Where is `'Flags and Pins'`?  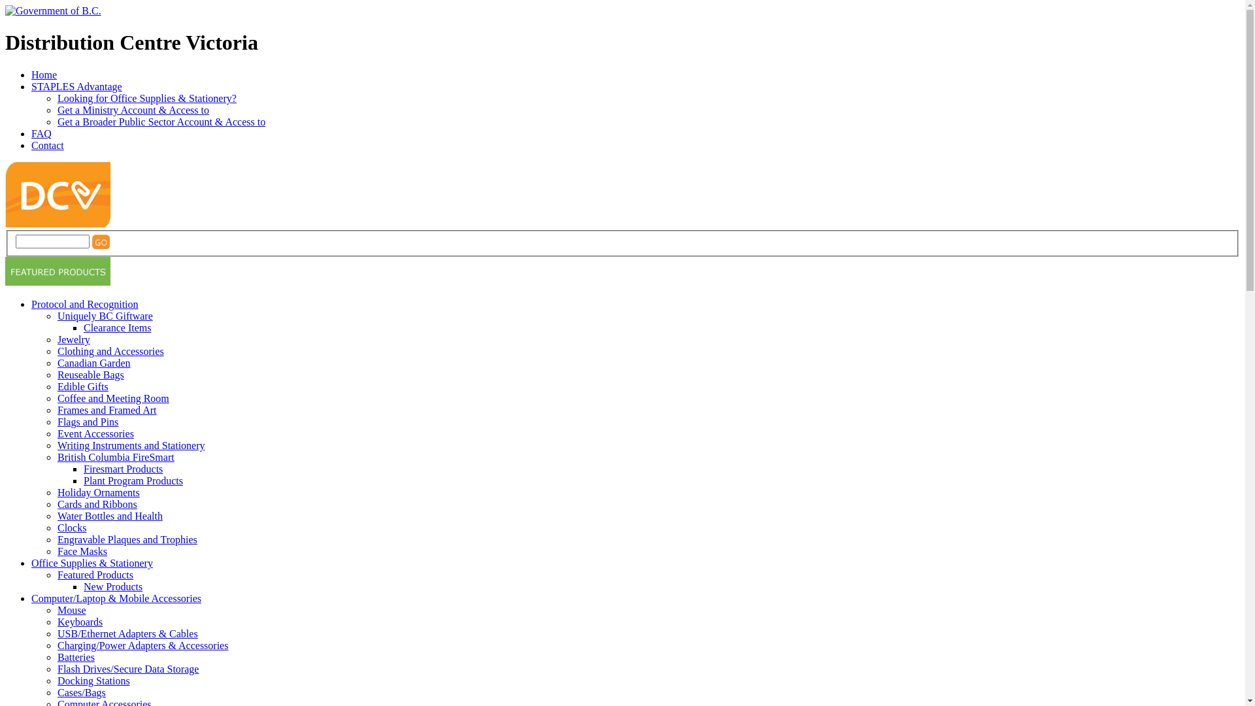 'Flags and Pins' is located at coordinates (87, 422).